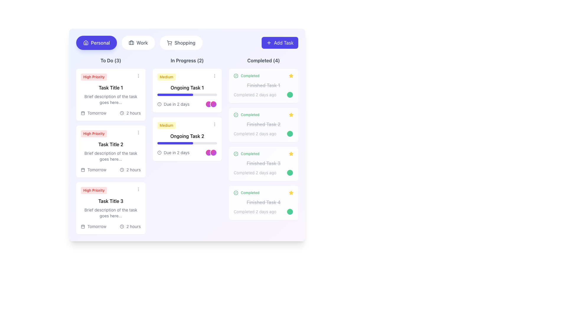 The image size is (567, 319). What do you see at coordinates (83, 113) in the screenshot?
I see `the calendar icon element located in the 'To Do' column associated with 'Task Title 1', positioned above the clock icon and preceding the text 'Tomorrow'` at bounding box center [83, 113].